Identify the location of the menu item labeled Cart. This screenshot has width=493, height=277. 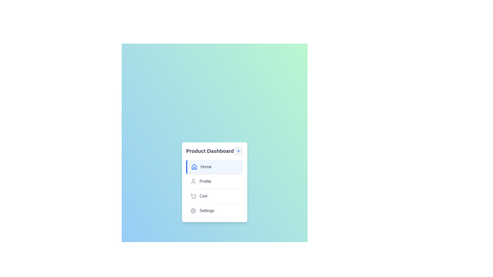
(214, 196).